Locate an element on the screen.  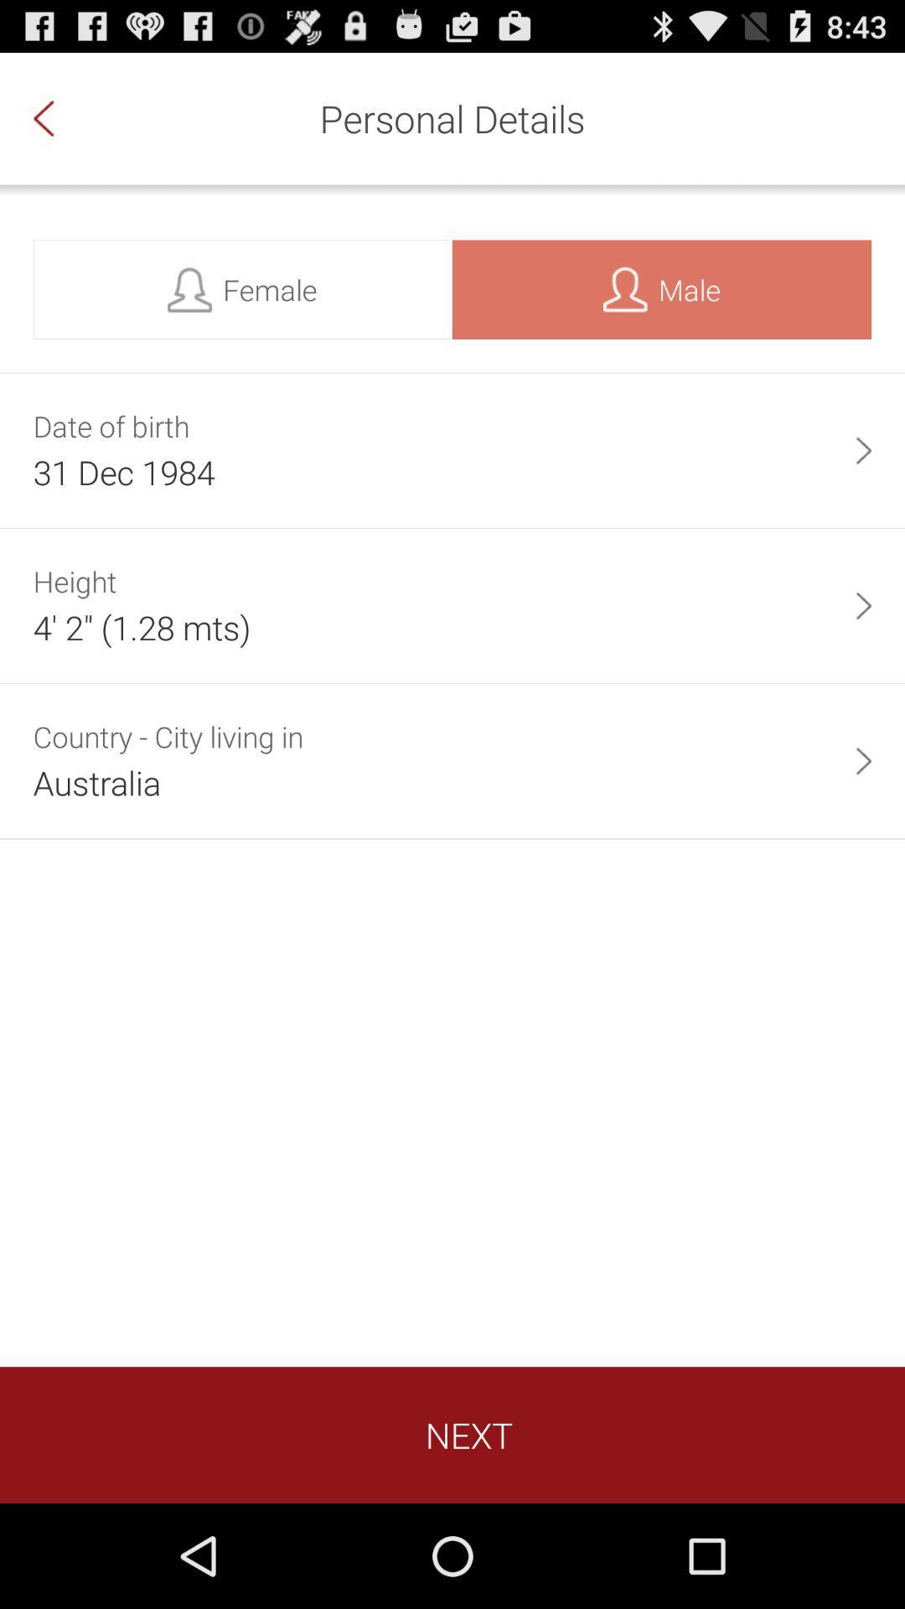
item to the right of 4 2 1 is located at coordinates (863, 605).